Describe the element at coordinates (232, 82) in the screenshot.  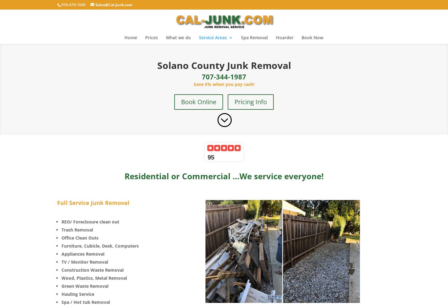
I see `'San Joaquin County'` at that location.